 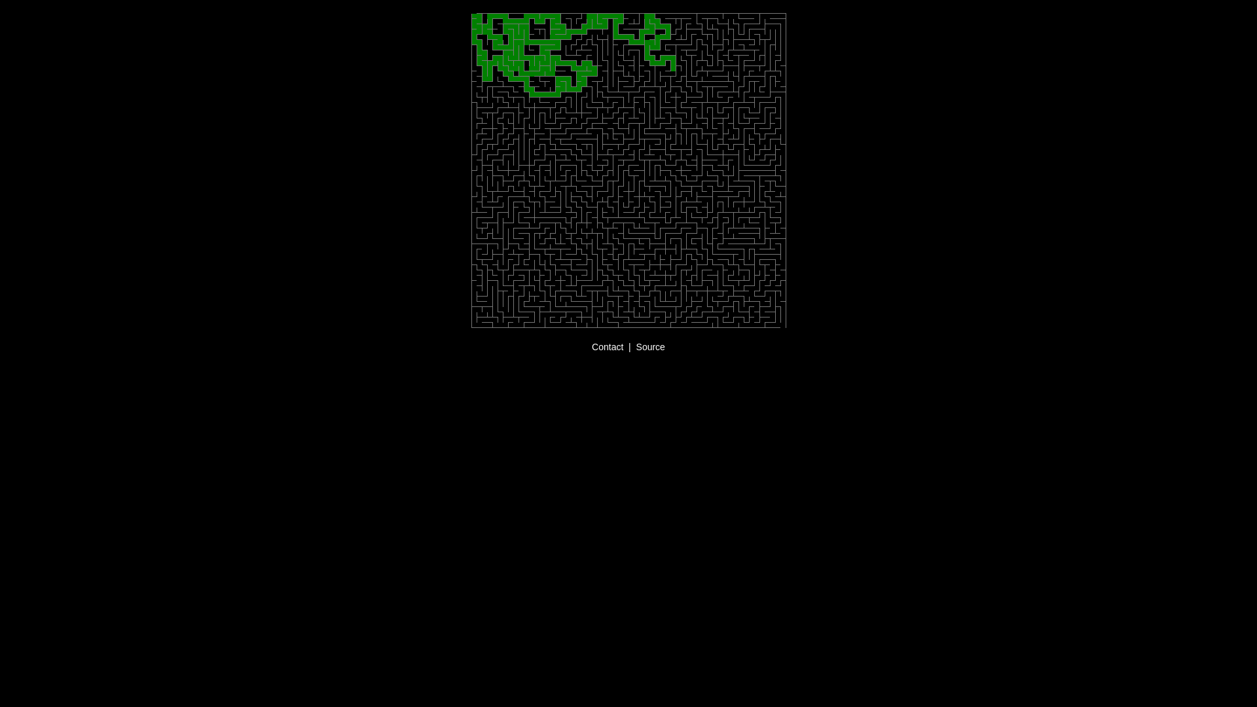 What do you see at coordinates (650, 346) in the screenshot?
I see `'Source'` at bounding box center [650, 346].